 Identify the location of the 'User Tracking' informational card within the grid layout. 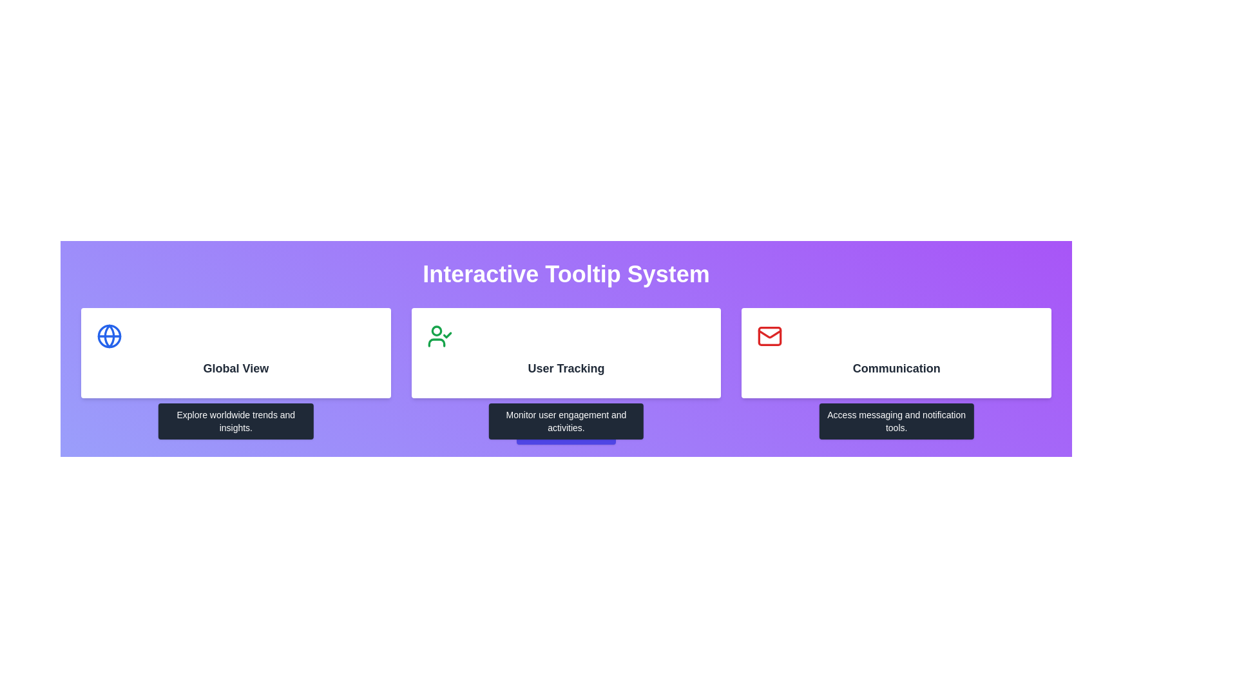
(566, 353).